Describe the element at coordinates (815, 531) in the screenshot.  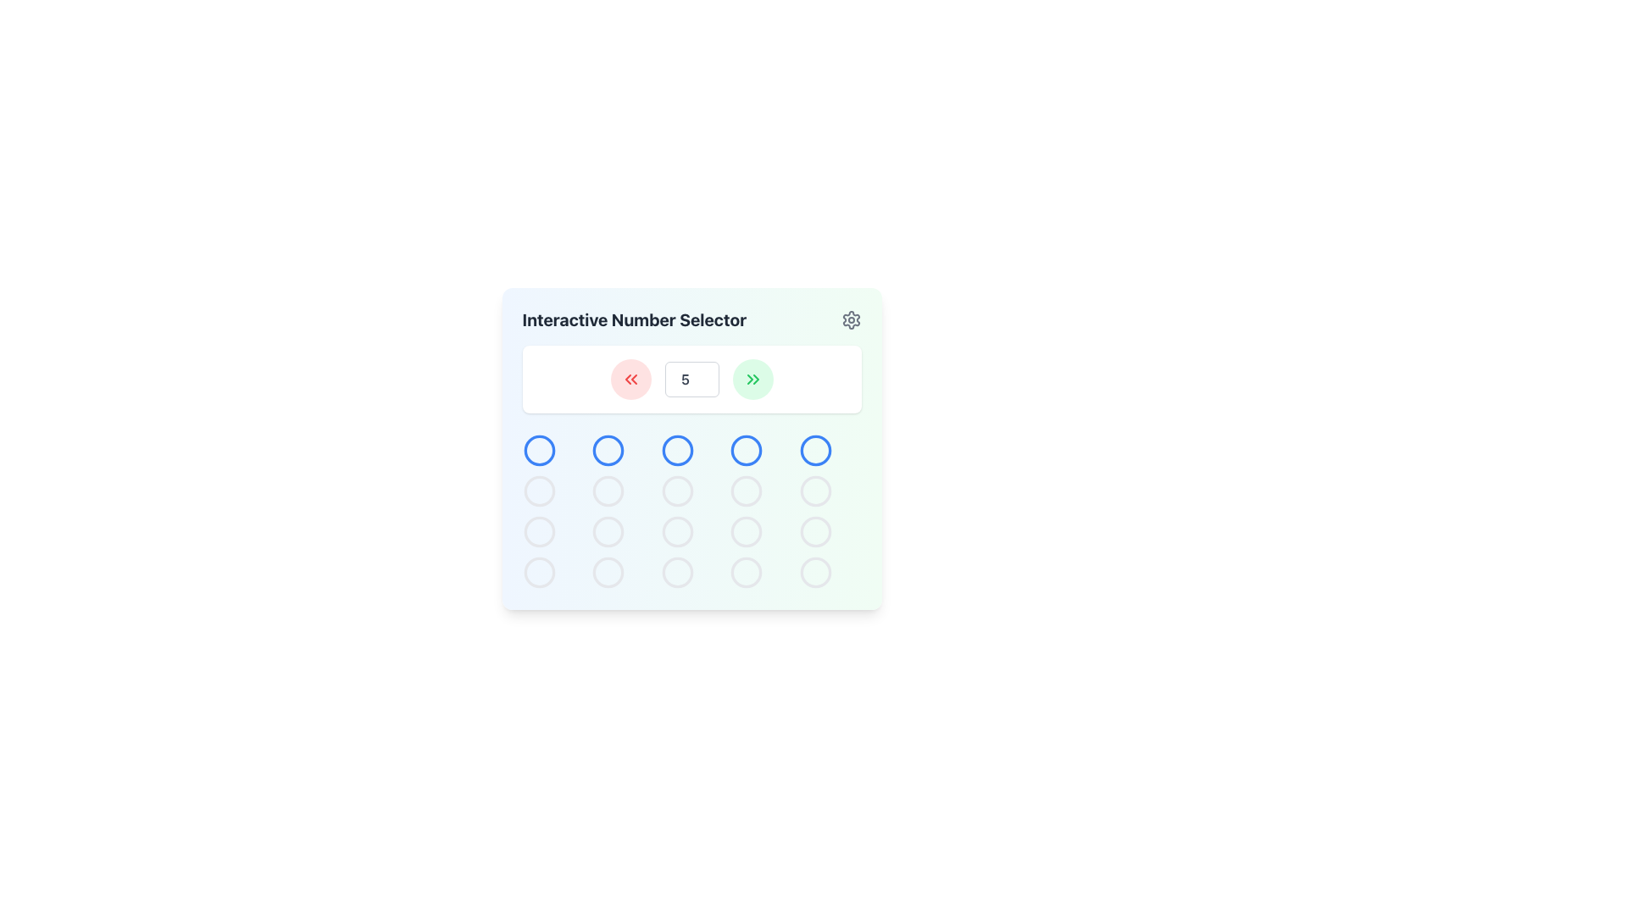
I see `the small filled circle element located in the bottom-right position of the grid of circles, which is distinctively styled compared to the surrounding elements` at that location.